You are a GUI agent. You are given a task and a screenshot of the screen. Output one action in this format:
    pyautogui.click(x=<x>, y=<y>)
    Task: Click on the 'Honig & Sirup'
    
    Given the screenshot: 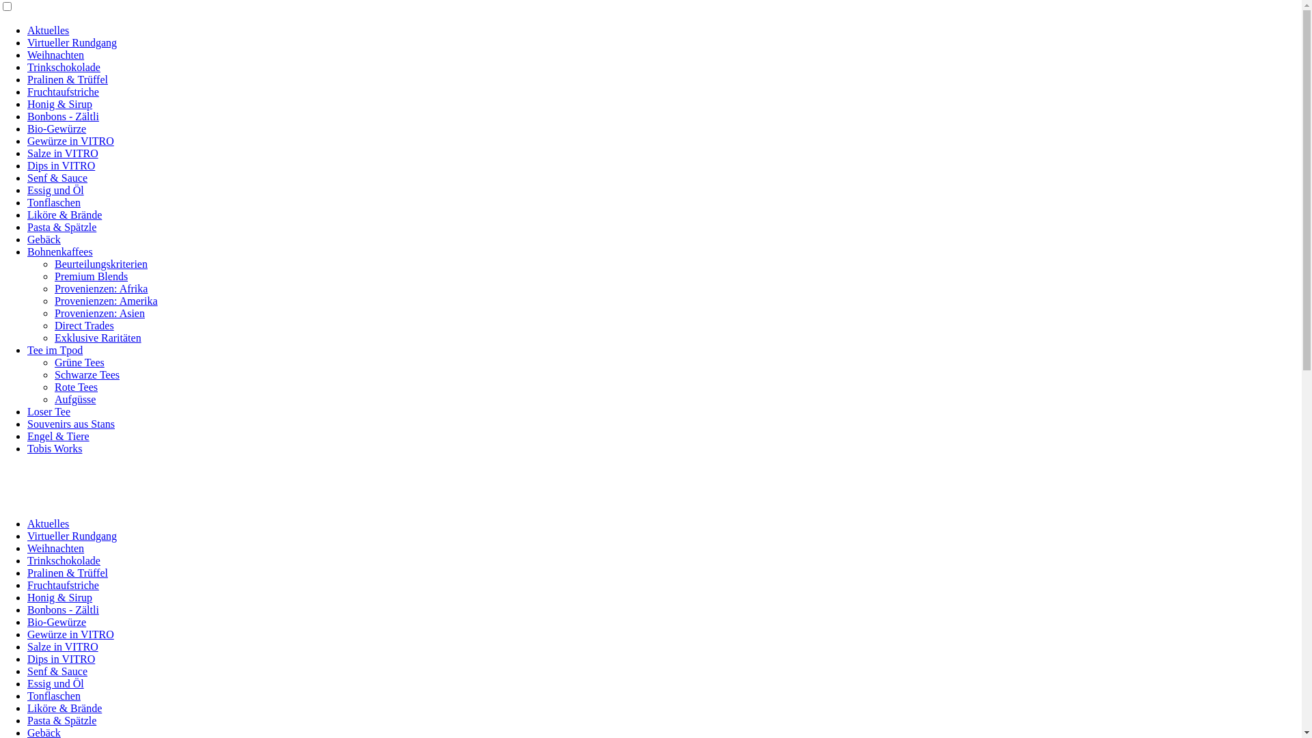 What is the action you would take?
    pyautogui.click(x=59, y=597)
    